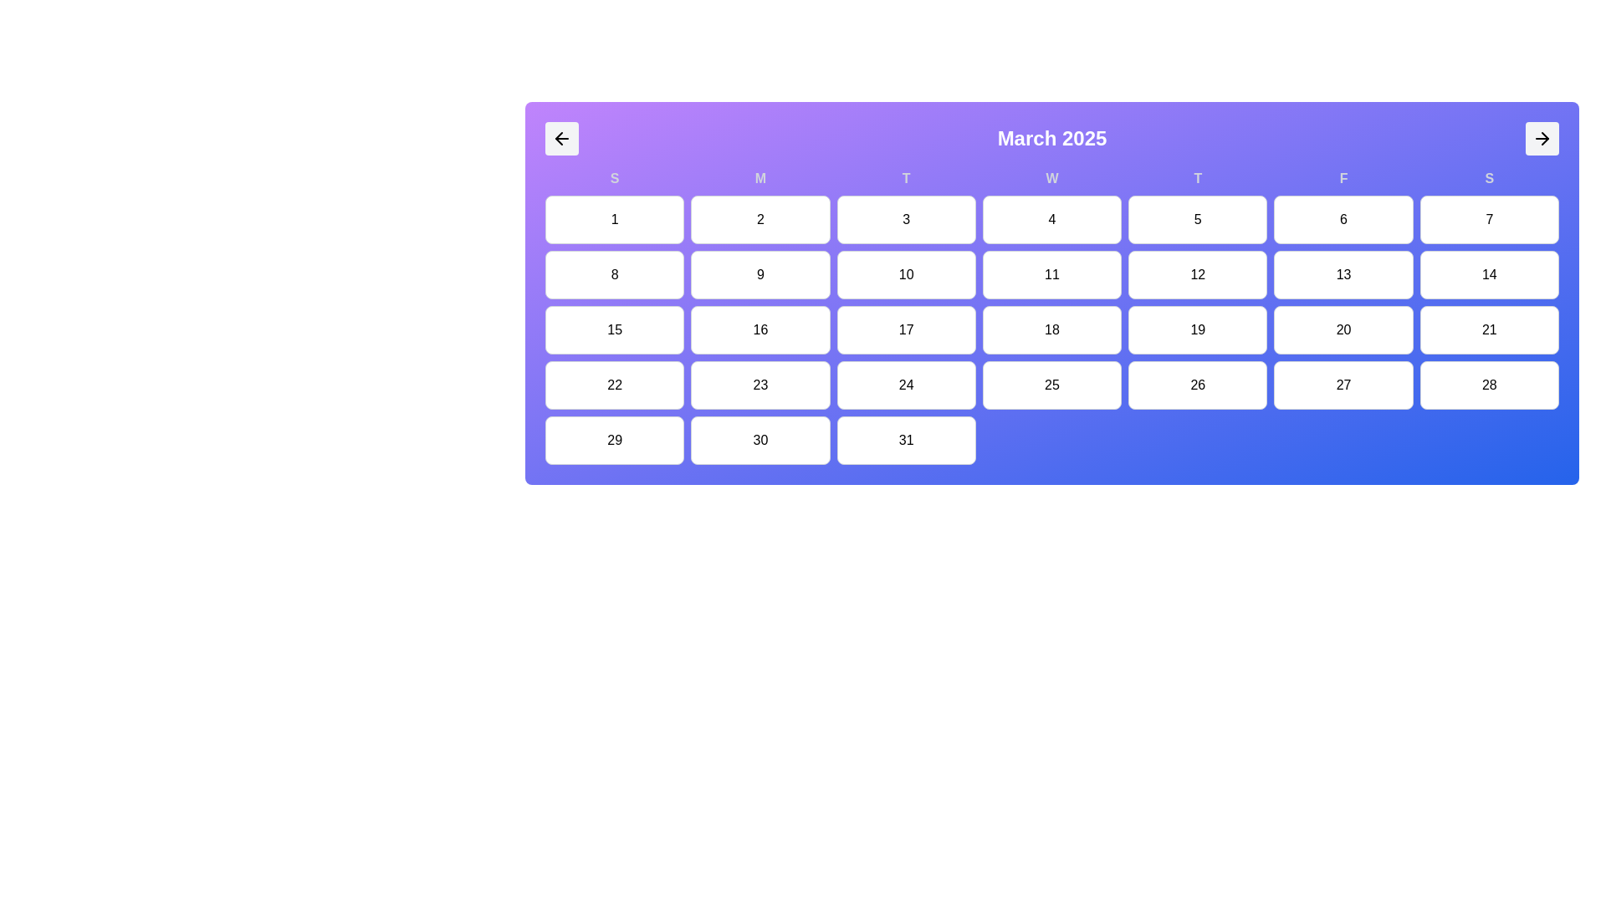 The height and width of the screenshot is (903, 1606). Describe the element at coordinates (1051, 137) in the screenshot. I see `the 'March 2025' text label element, which is displayed in bold and large white font within a horizontal navigation strip on a gradient purple-to-blue background` at that location.